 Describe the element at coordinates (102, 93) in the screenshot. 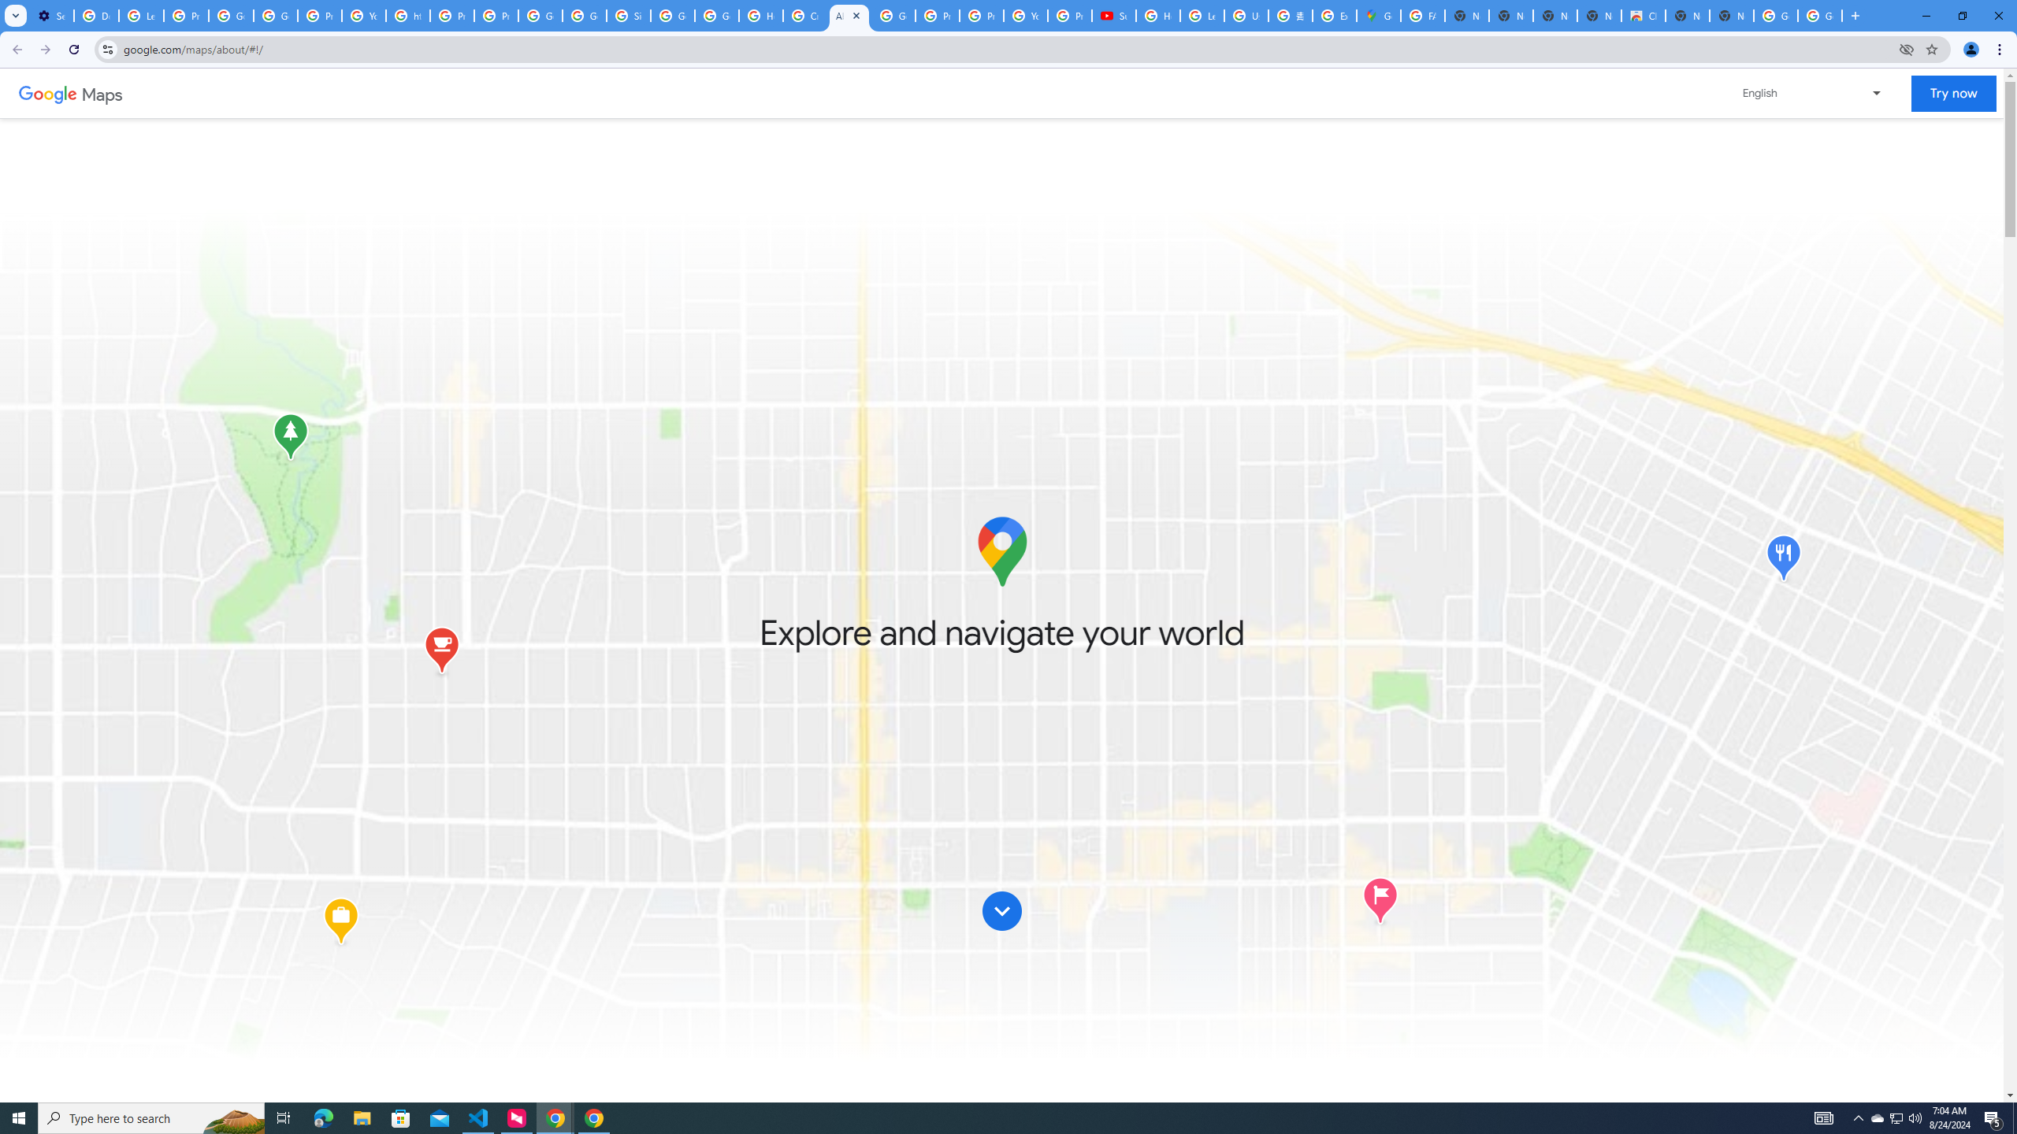

I see `'Maps'` at that location.